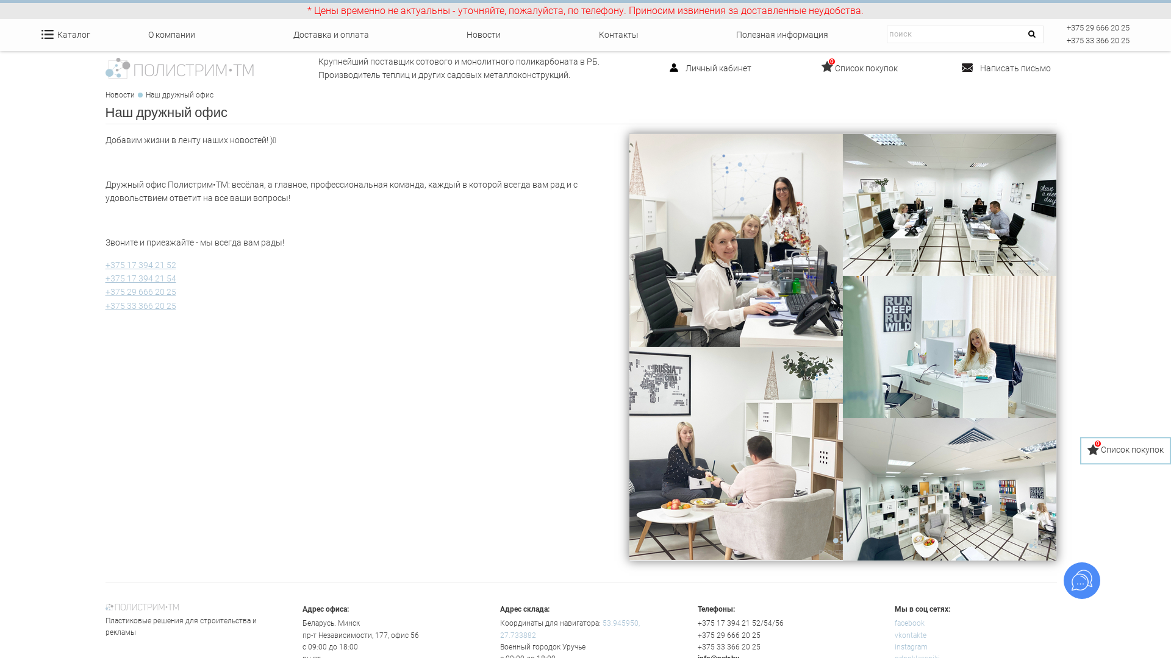  What do you see at coordinates (909, 623) in the screenshot?
I see `'facebook'` at bounding box center [909, 623].